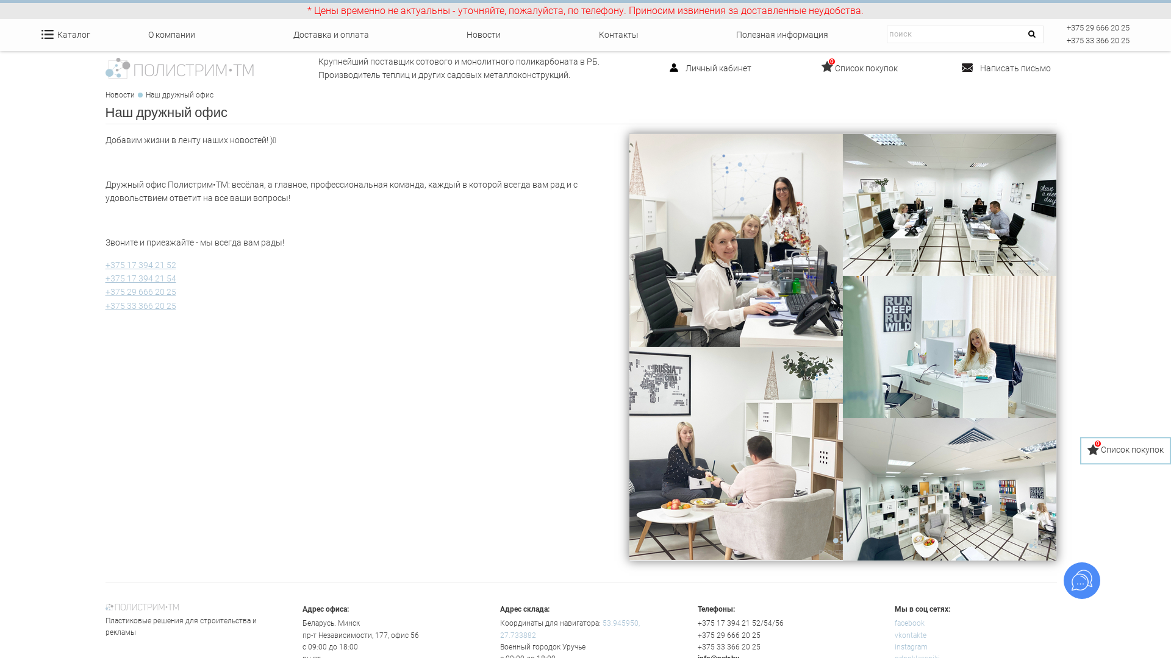  What do you see at coordinates (909, 623) in the screenshot?
I see `'facebook'` at bounding box center [909, 623].